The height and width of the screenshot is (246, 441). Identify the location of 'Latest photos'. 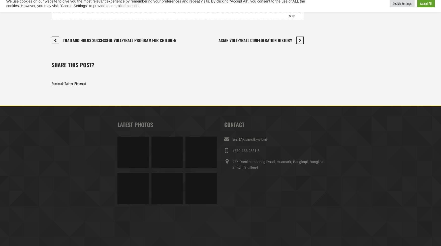
(135, 124).